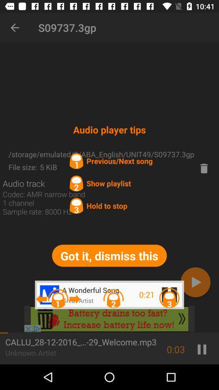 The image size is (219, 390). What do you see at coordinates (175, 349) in the screenshot?
I see `the 0:03 item` at bounding box center [175, 349].